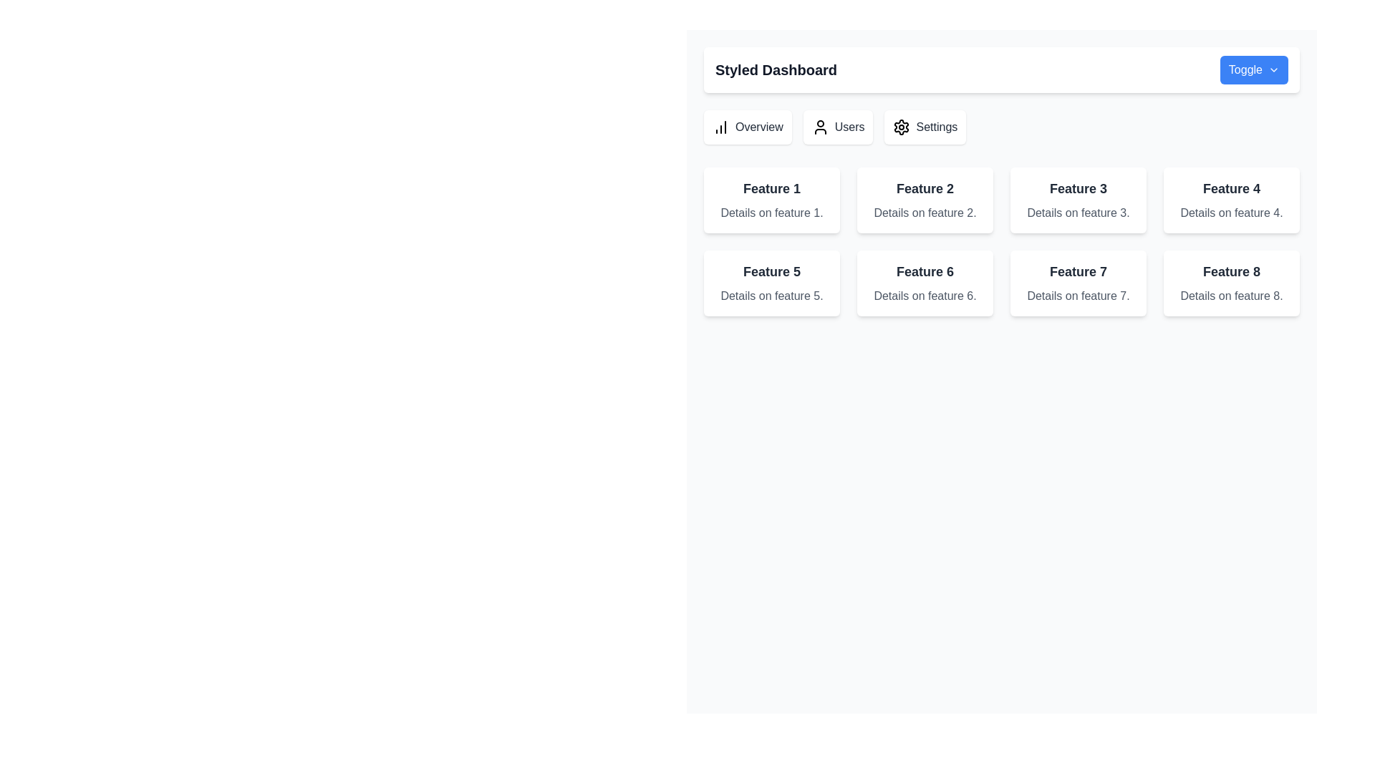 The image size is (1375, 773). What do you see at coordinates (1230, 200) in the screenshot?
I see `the Information card titled 'Feature 4', which has a white background and rounded corners, located in the fourth position of the first row in a grid layout` at bounding box center [1230, 200].